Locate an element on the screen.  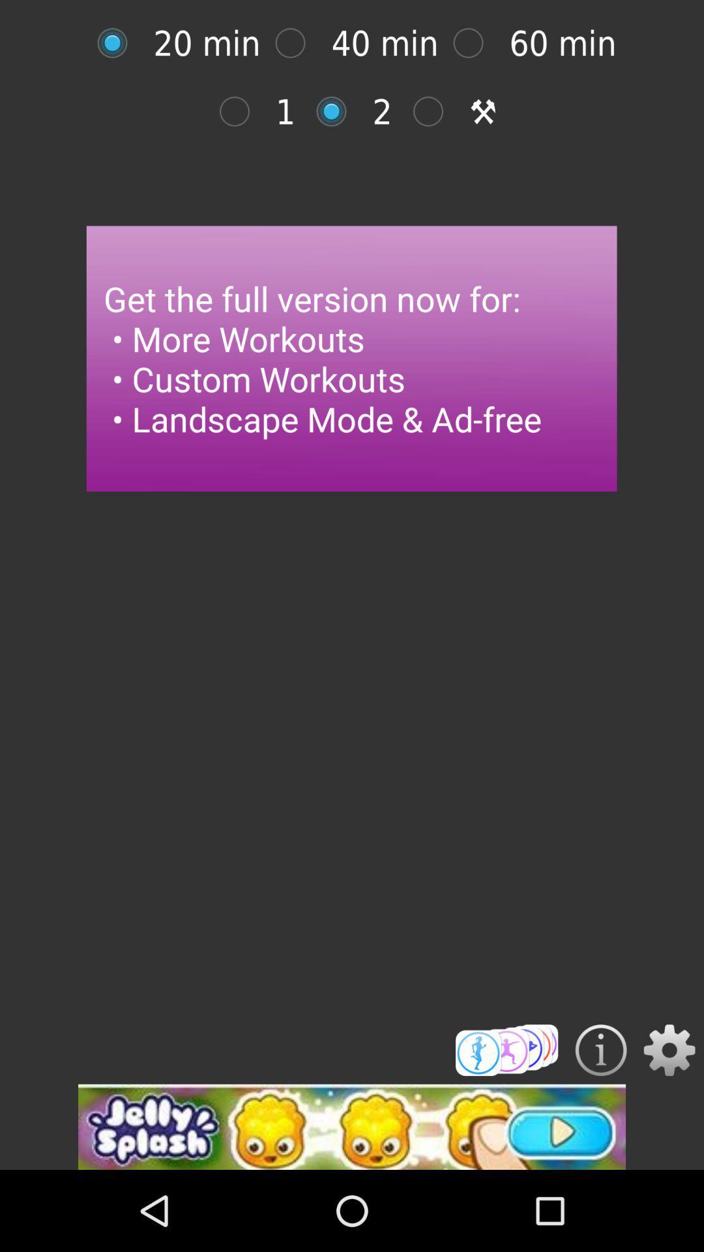
an option is located at coordinates (241, 112).